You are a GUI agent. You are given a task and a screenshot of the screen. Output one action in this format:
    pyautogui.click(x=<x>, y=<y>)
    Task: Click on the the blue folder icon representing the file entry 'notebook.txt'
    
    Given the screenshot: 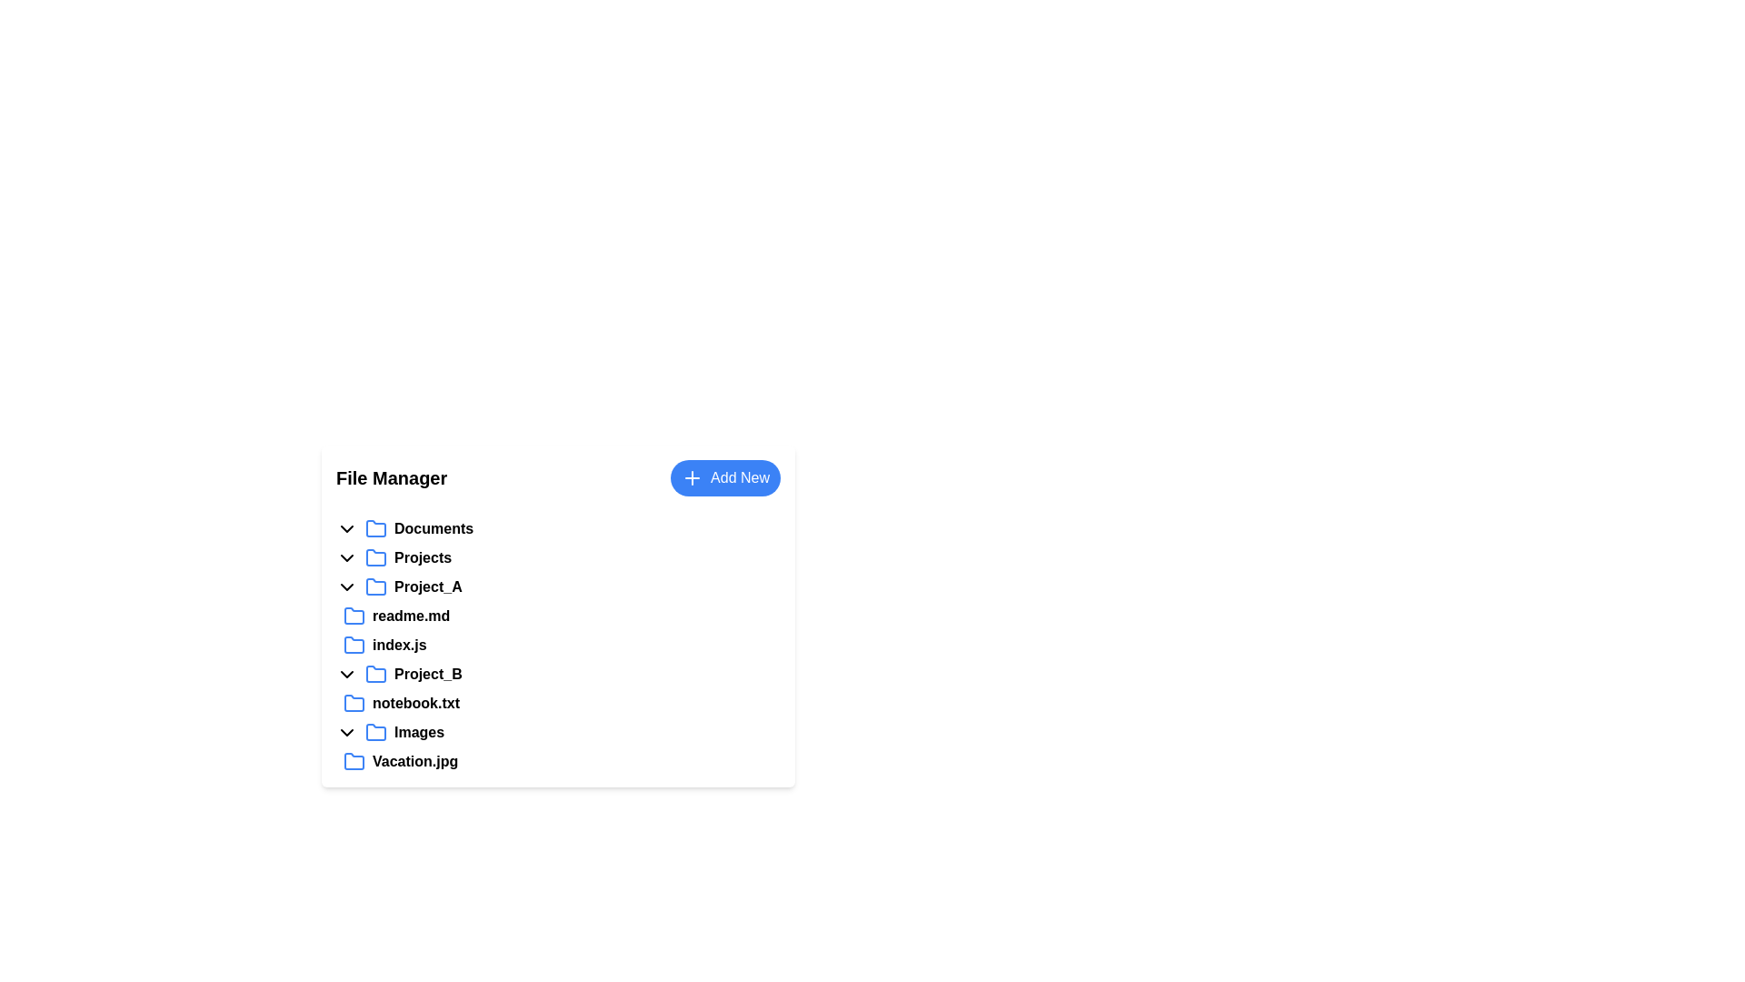 What is the action you would take?
    pyautogui.click(x=354, y=703)
    